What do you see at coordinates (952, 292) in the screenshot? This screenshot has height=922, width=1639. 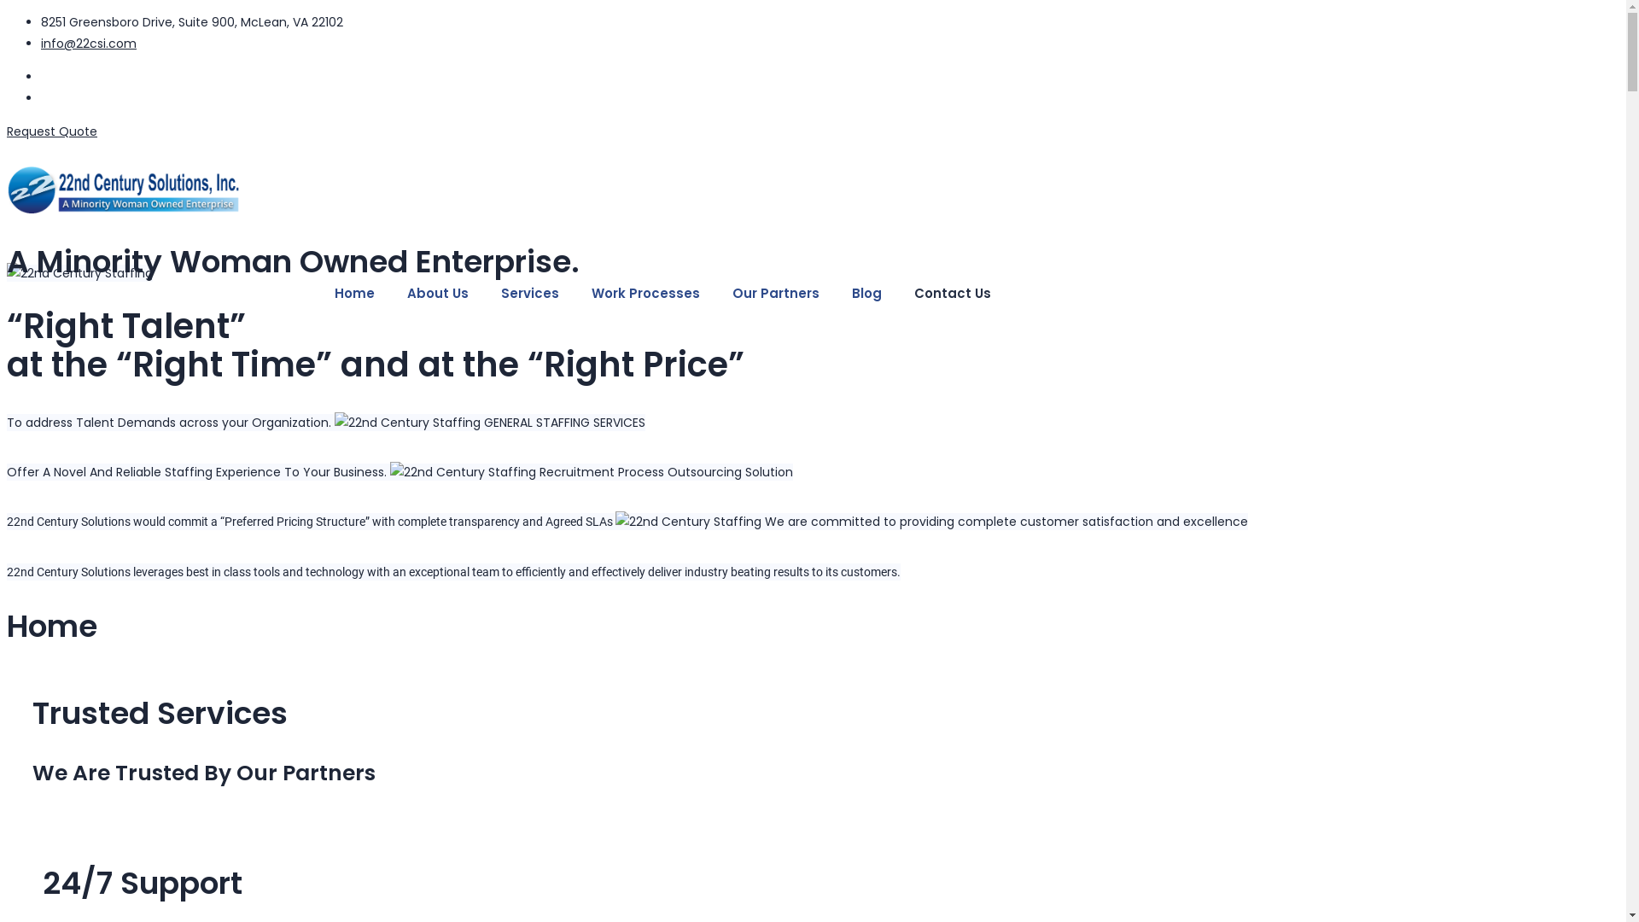 I see `'Contact Us'` at bounding box center [952, 292].